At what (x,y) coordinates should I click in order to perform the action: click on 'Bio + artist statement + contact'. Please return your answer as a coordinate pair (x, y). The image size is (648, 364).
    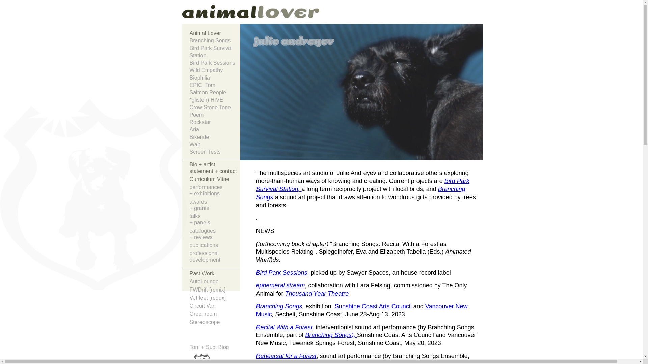
    Looking at the image, I should click on (215, 168).